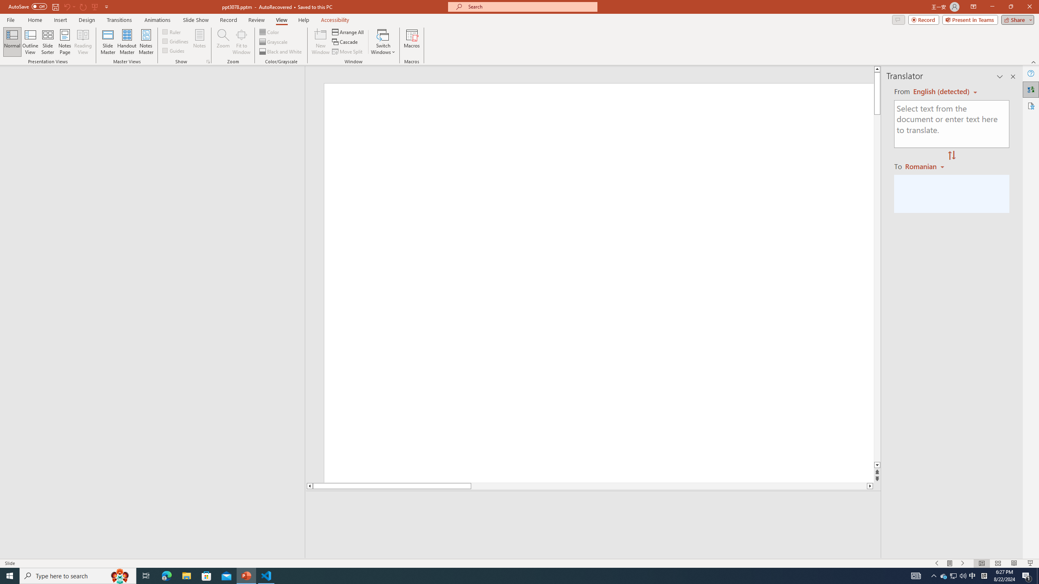 This screenshot has width=1039, height=584. What do you see at coordinates (320, 42) in the screenshot?
I see `'New Window'` at bounding box center [320, 42].